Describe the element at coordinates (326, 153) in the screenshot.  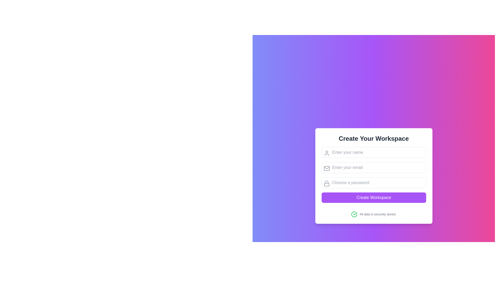
I see `the user icon styled in material design, which features a circular head and shoulders outline, located at the beginning of the input field labeled 'Enter your name'` at that location.